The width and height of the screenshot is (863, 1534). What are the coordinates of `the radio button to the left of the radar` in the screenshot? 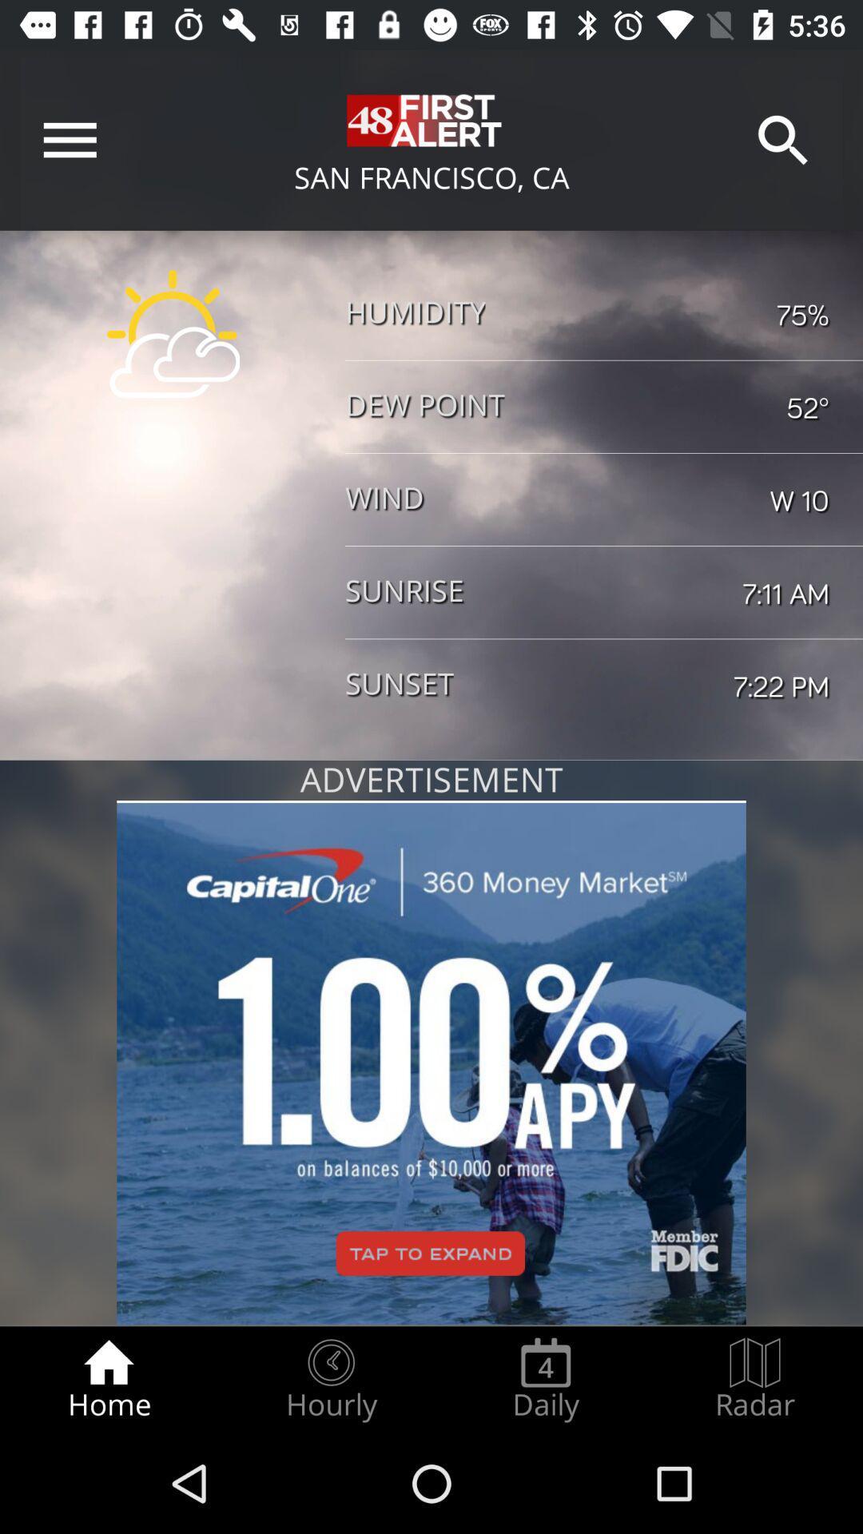 It's located at (545, 1379).